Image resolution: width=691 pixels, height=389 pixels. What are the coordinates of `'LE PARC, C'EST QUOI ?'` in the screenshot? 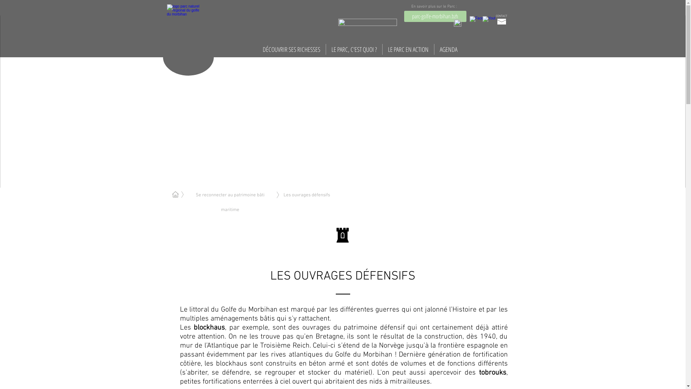 It's located at (354, 49).